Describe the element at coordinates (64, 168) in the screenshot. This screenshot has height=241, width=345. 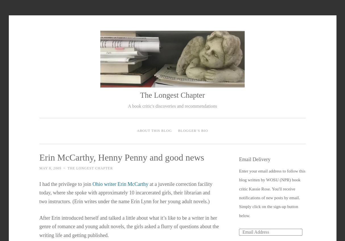
I see `'~'` at that location.